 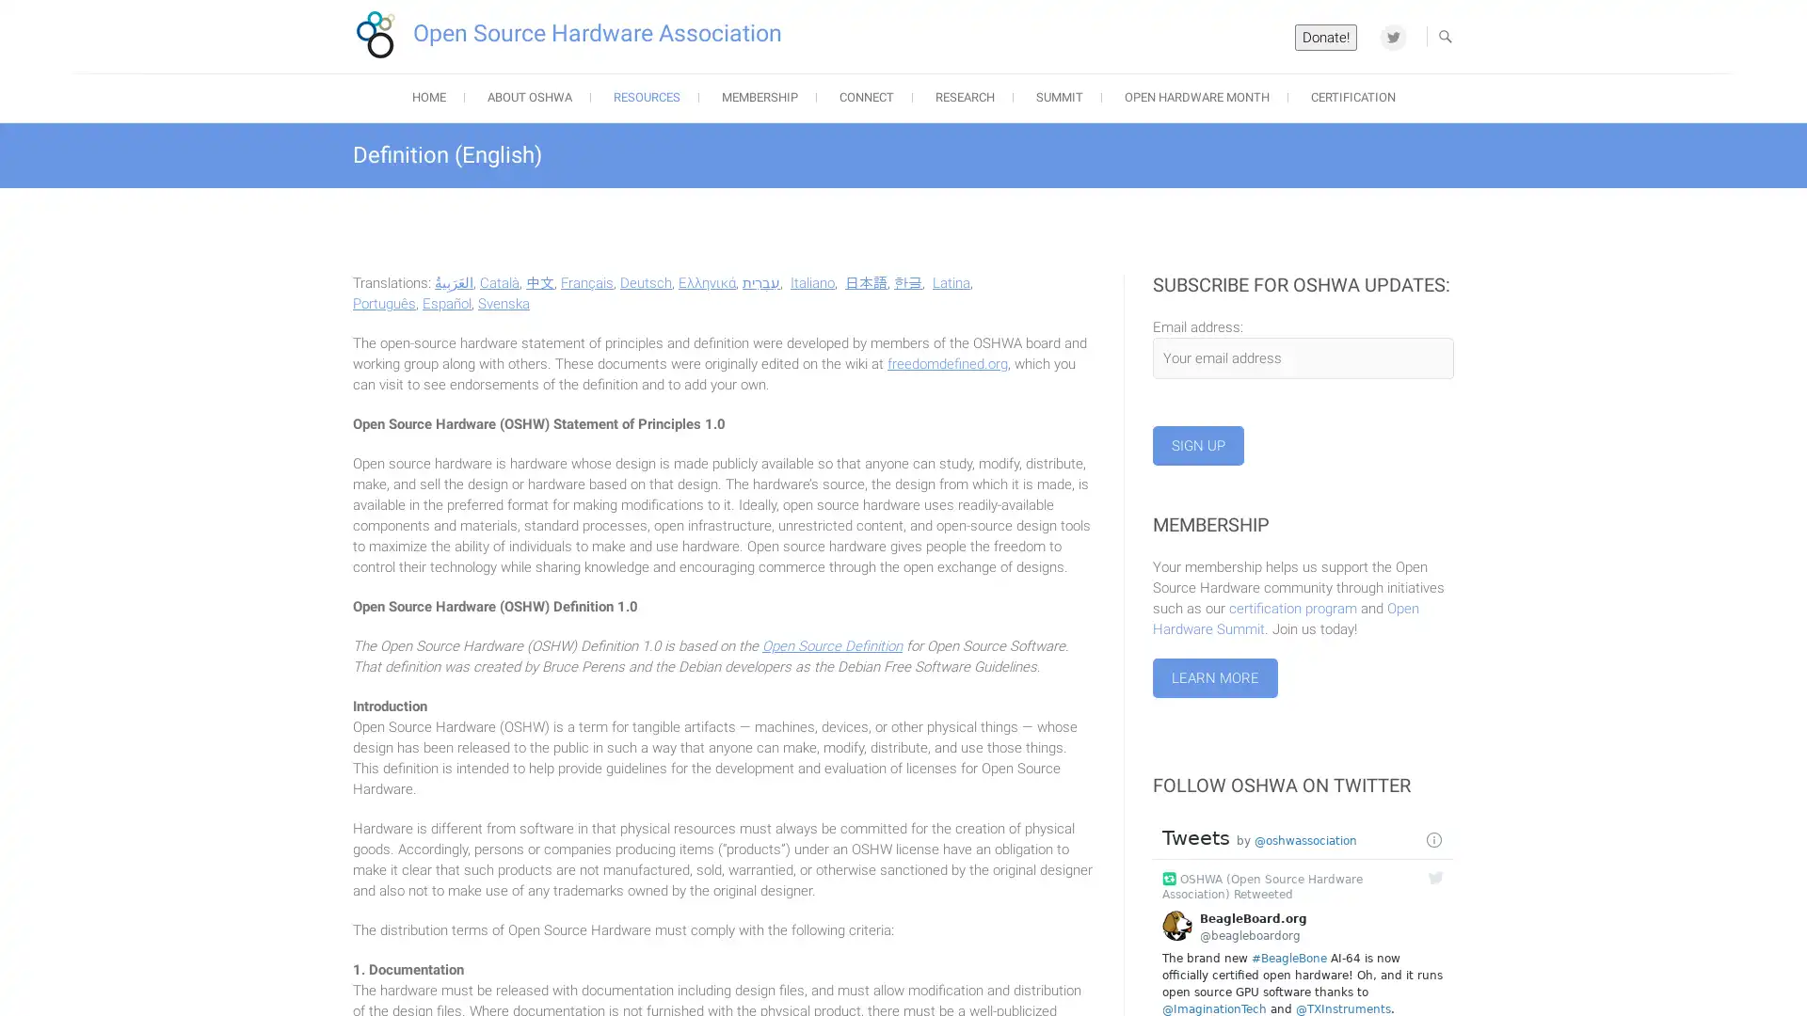 I want to click on Learn More, so click(x=1215, y=678).